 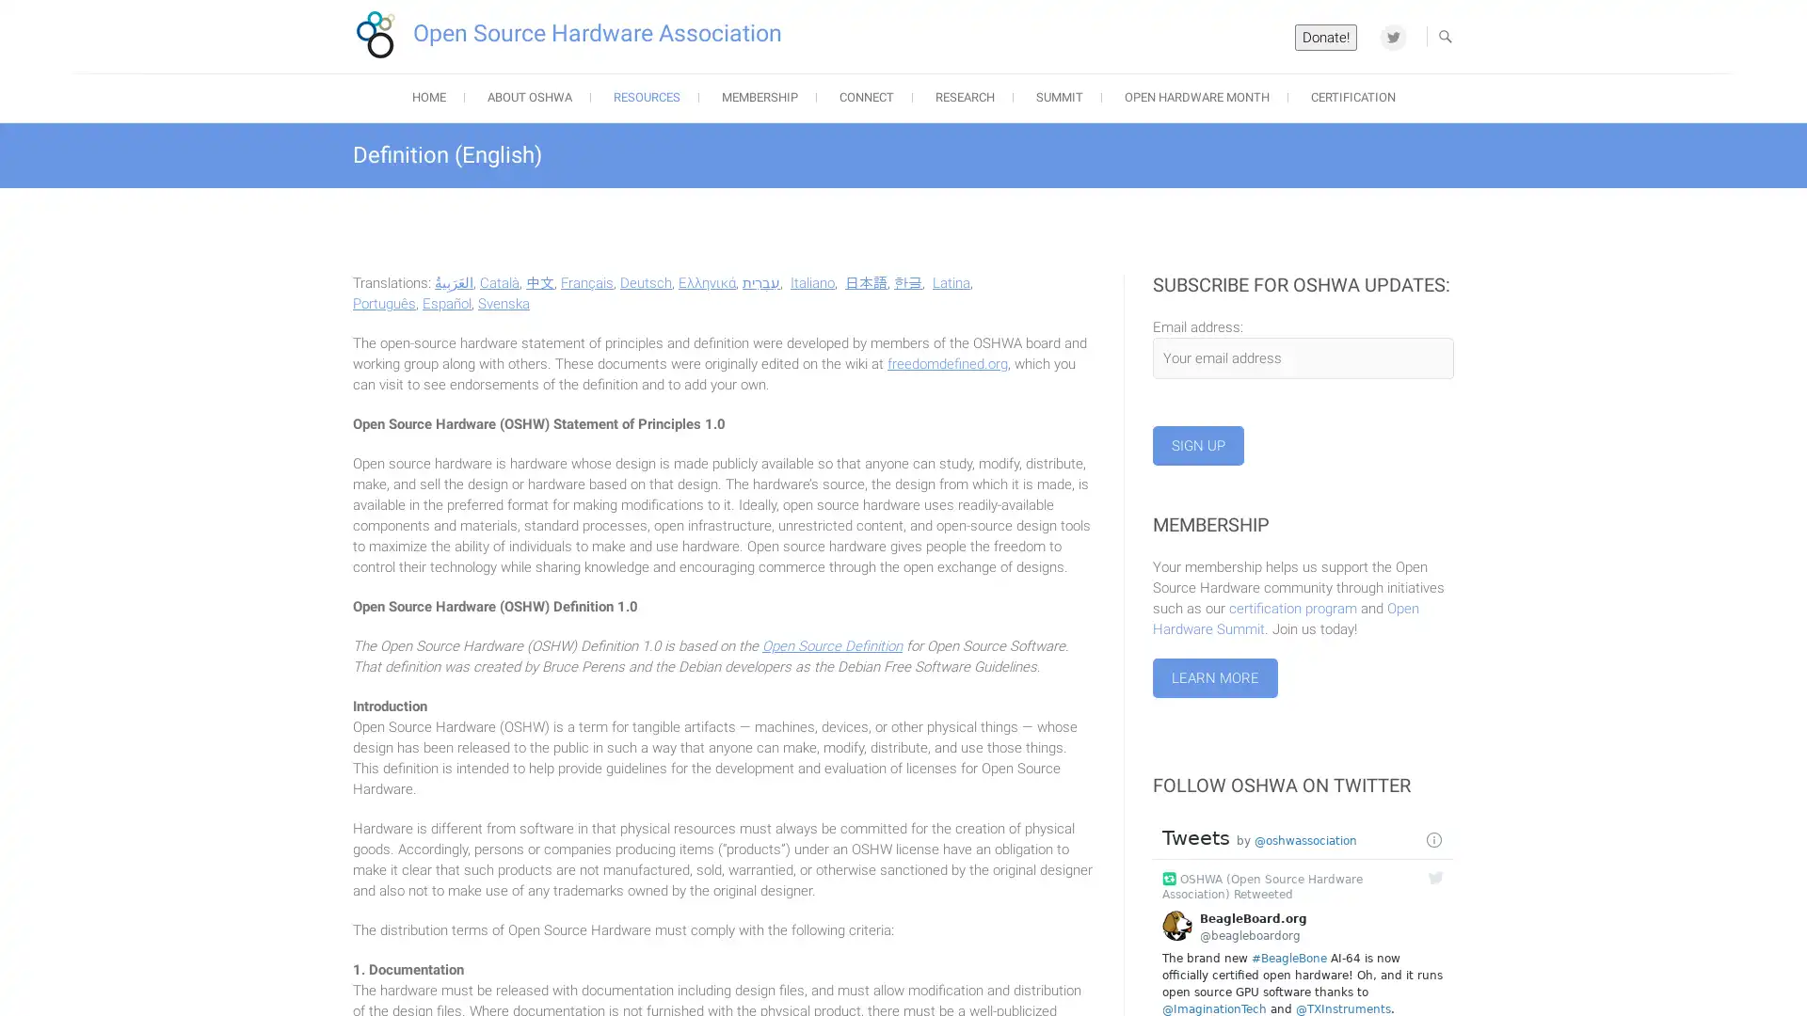 I want to click on Learn More, so click(x=1215, y=678).